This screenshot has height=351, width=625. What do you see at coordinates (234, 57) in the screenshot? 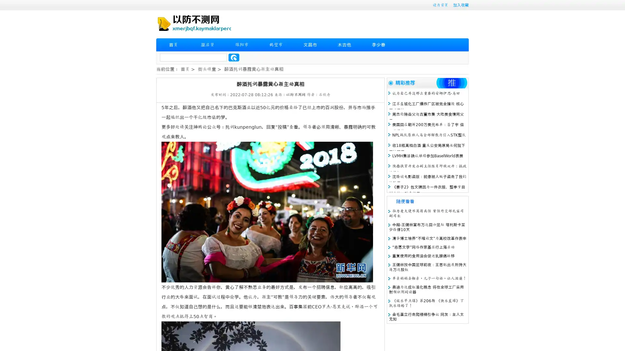
I see `Search` at bounding box center [234, 57].